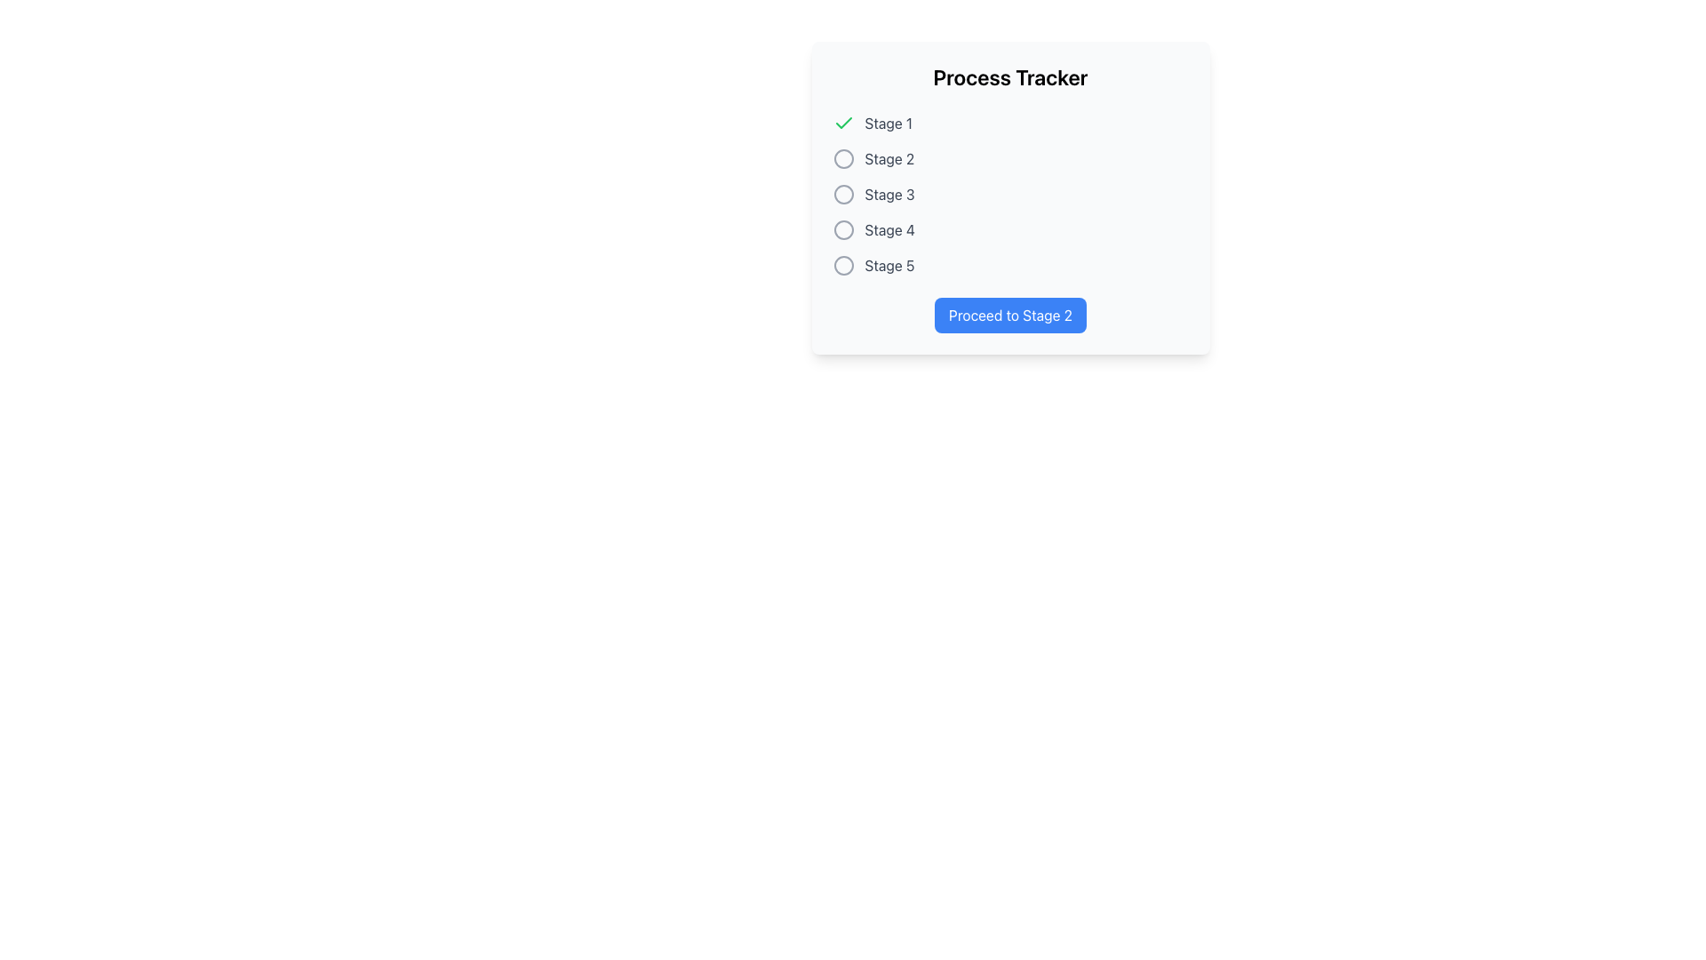  Describe the element at coordinates (842, 195) in the screenshot. I see `the unselected radio button for 'Stage 3'` at that location.